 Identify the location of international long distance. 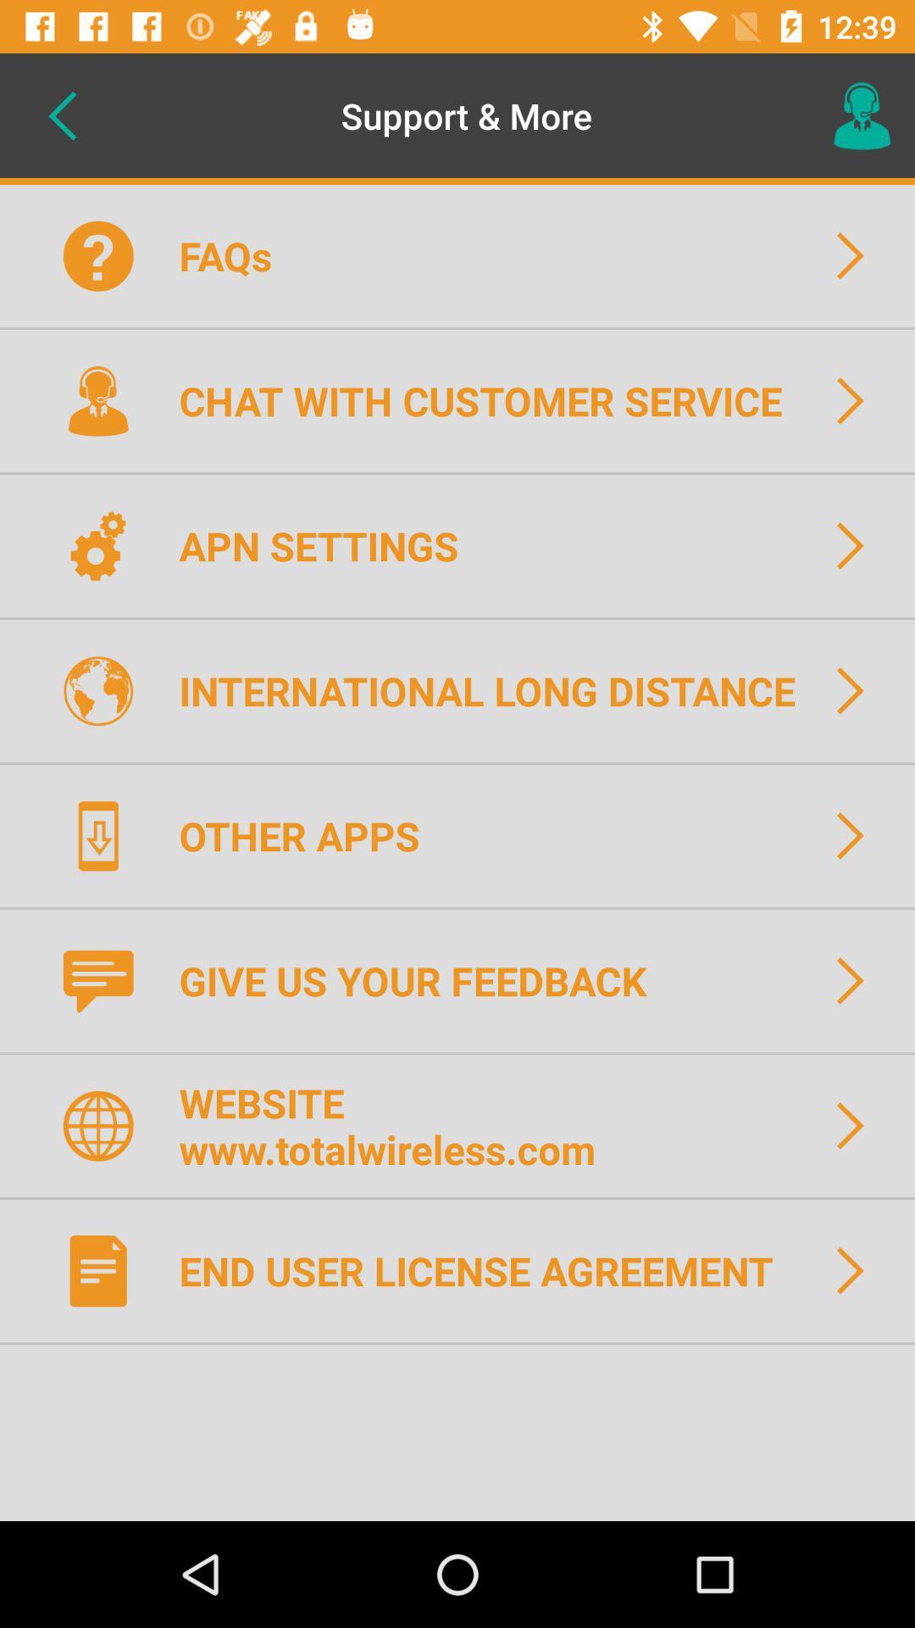
(497, 690).